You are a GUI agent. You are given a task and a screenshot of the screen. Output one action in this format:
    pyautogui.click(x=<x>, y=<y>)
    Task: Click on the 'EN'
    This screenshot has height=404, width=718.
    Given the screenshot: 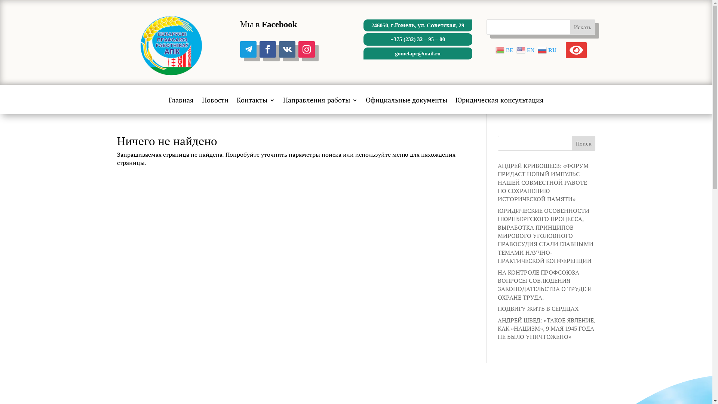 What is the action you would take?
    pyautogui.click(x=526, y=49)
    